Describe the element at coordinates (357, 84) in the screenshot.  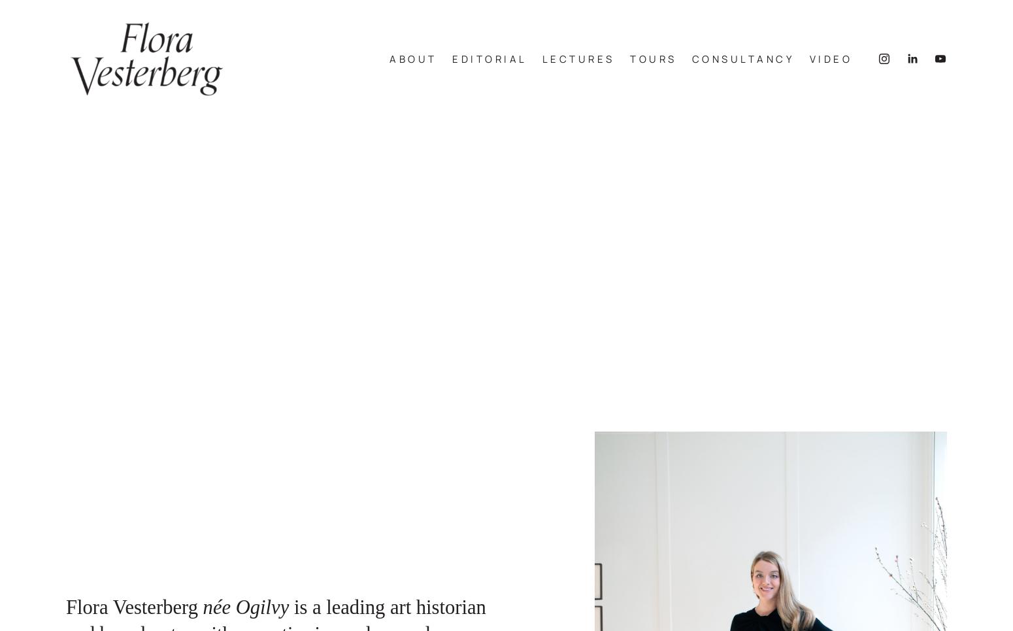
I see `'Biography'` at that location.